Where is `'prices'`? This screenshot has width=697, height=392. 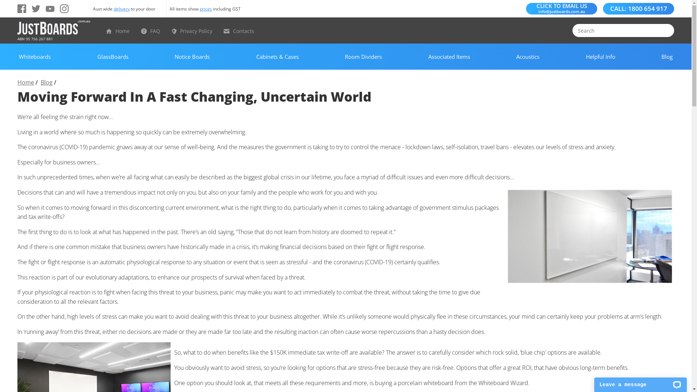 'prices' is located at coordinates (205, 9).